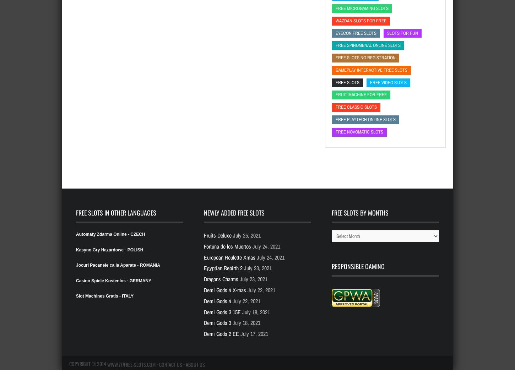 Image resolution: width=515 pixels, height=370 pixels. I want to click on 'free video slots', so click(388, 82).